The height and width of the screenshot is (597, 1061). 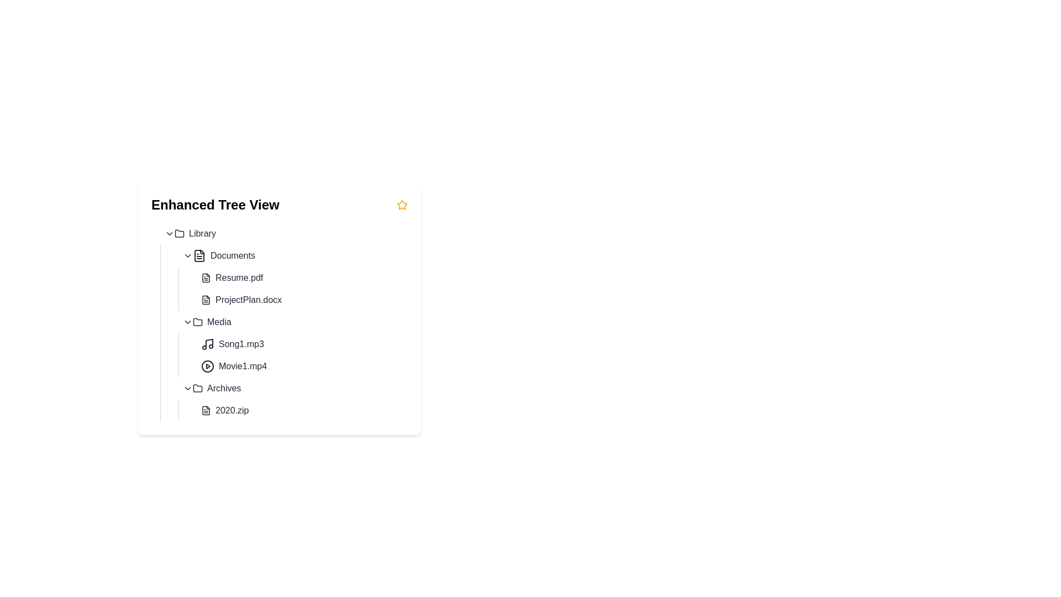 What do you see at coordinates (293, 399) in the screenshot?
I see `the file entry labeled '2020.zip' in the 'Archives' section of the folder structure` at bounding box center [293, 399].